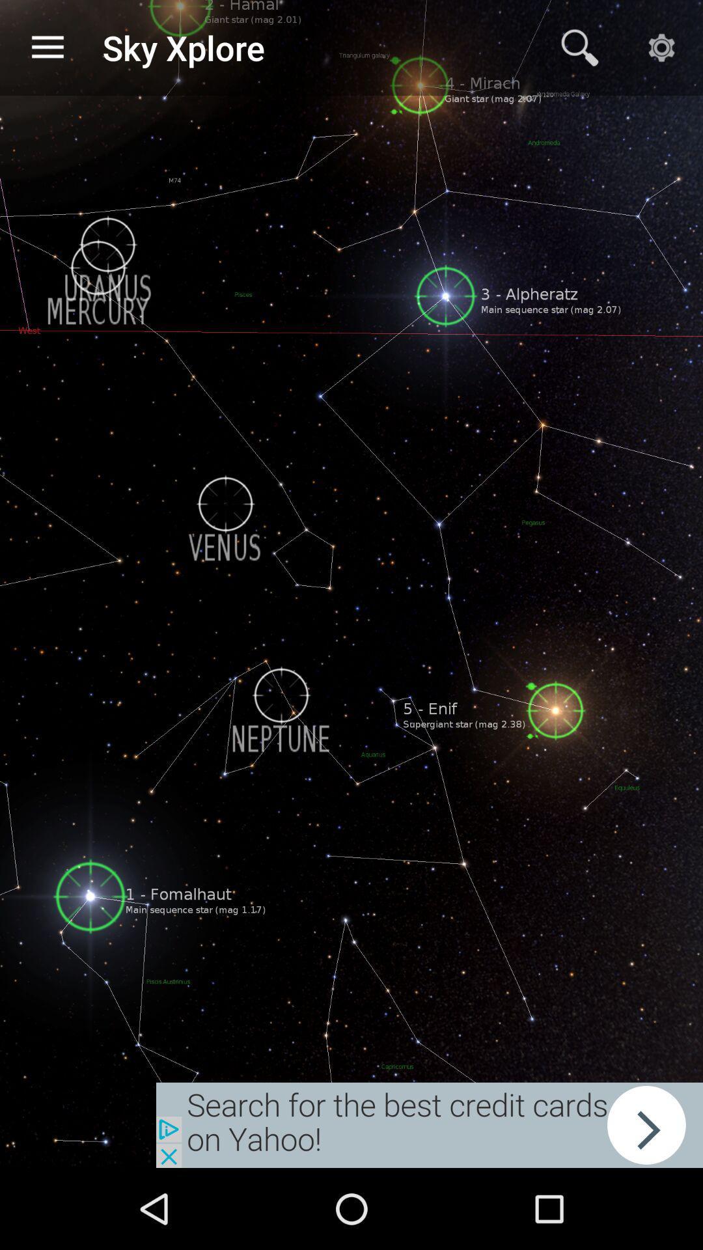  What do you see at coordinates (429, 1124) in the screenshot?
I see `advertising pop up link` at bounding box center [429, 1124].